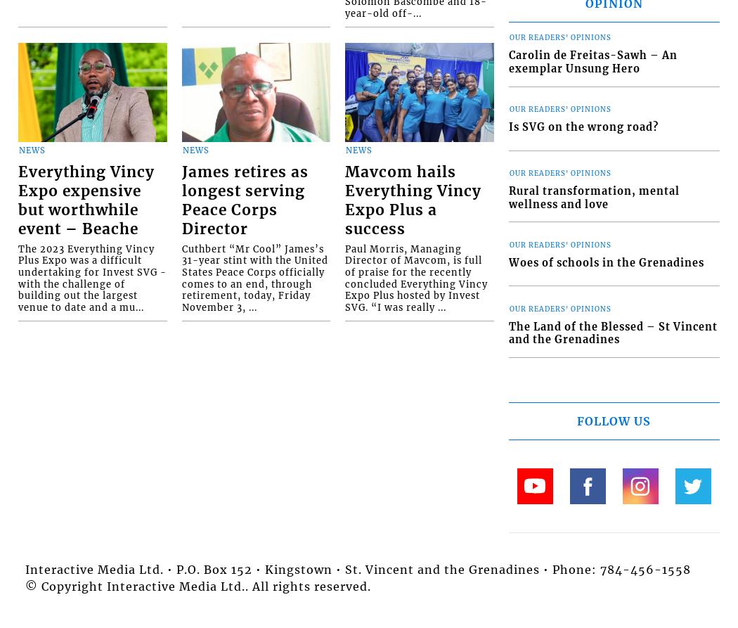  Describe the element at coordinates (583, 126) in the screenshot. I see `'Is SVG on the wrong road?'` at that location.